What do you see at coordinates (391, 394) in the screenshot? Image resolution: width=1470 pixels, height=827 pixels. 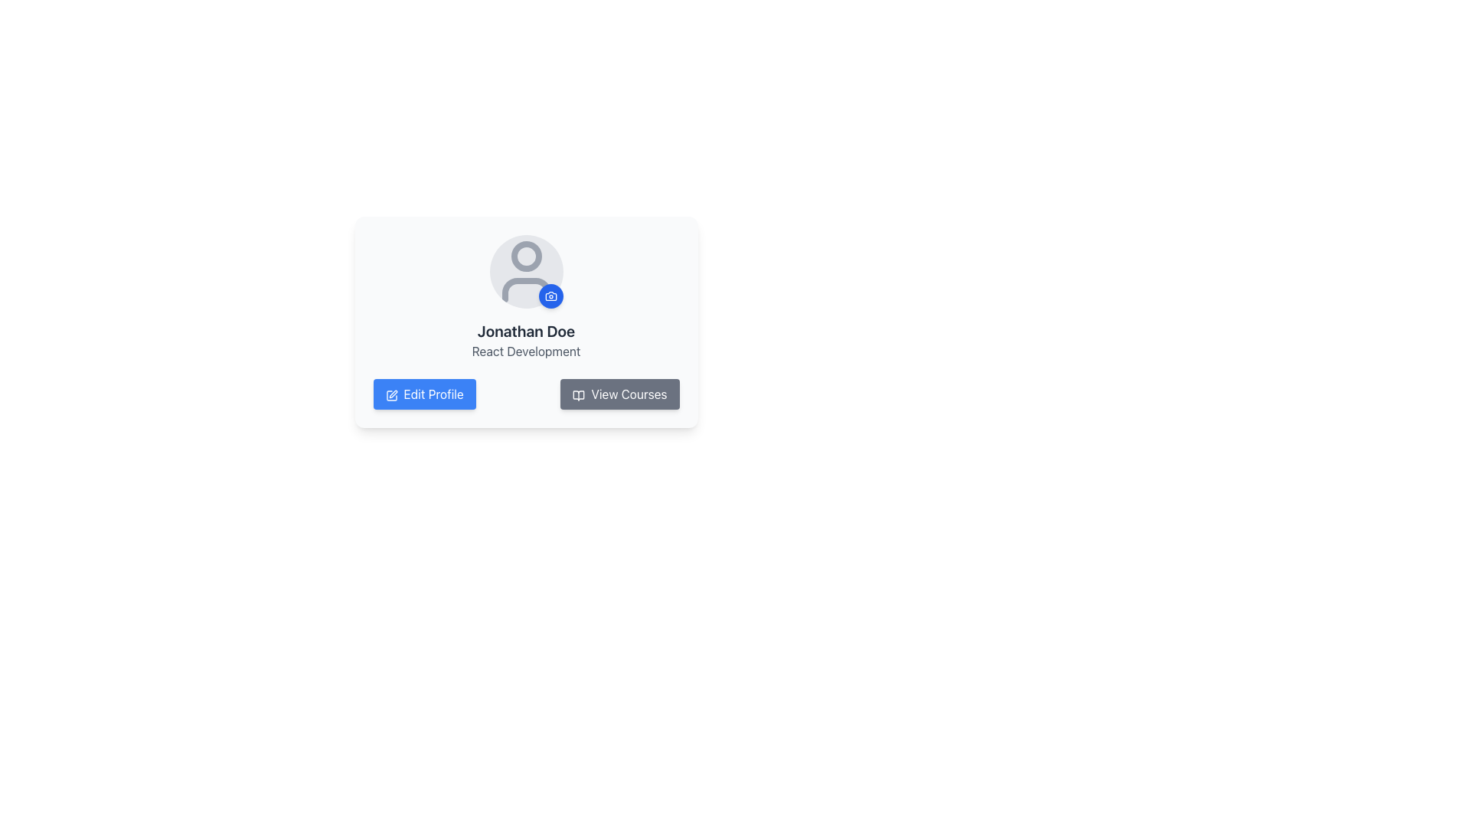 I see `the edit icon located to the left of the 'Edit Profile' text within the edit button at the bottom-left area of the card component` at bounding box center [391, 394].